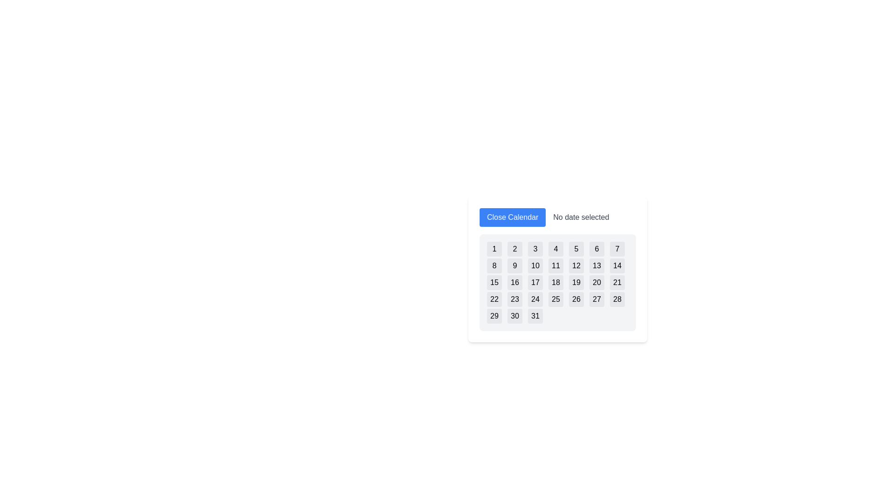 The width and height of the screenshot is (894, 503). What do you see at coordinates (535, 249) in the screenshot?
I see `the square-shaped button with rounded corners displaying the number '3'` at bounding box center [535, 249].